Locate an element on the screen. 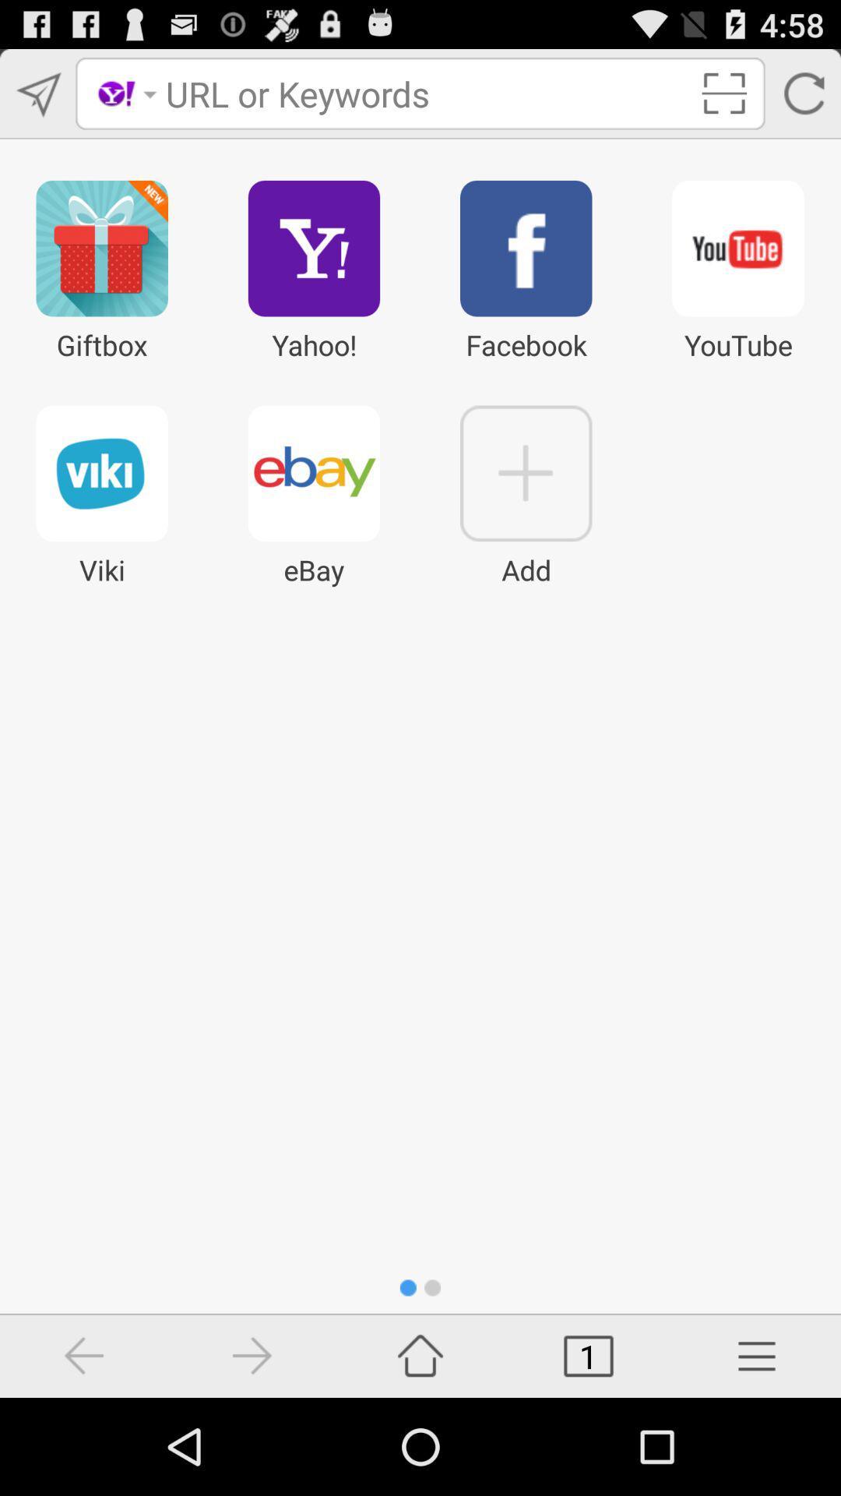 This screenshot has width=841, height=1496. the refresh icon is located at coordinates (803, 100).